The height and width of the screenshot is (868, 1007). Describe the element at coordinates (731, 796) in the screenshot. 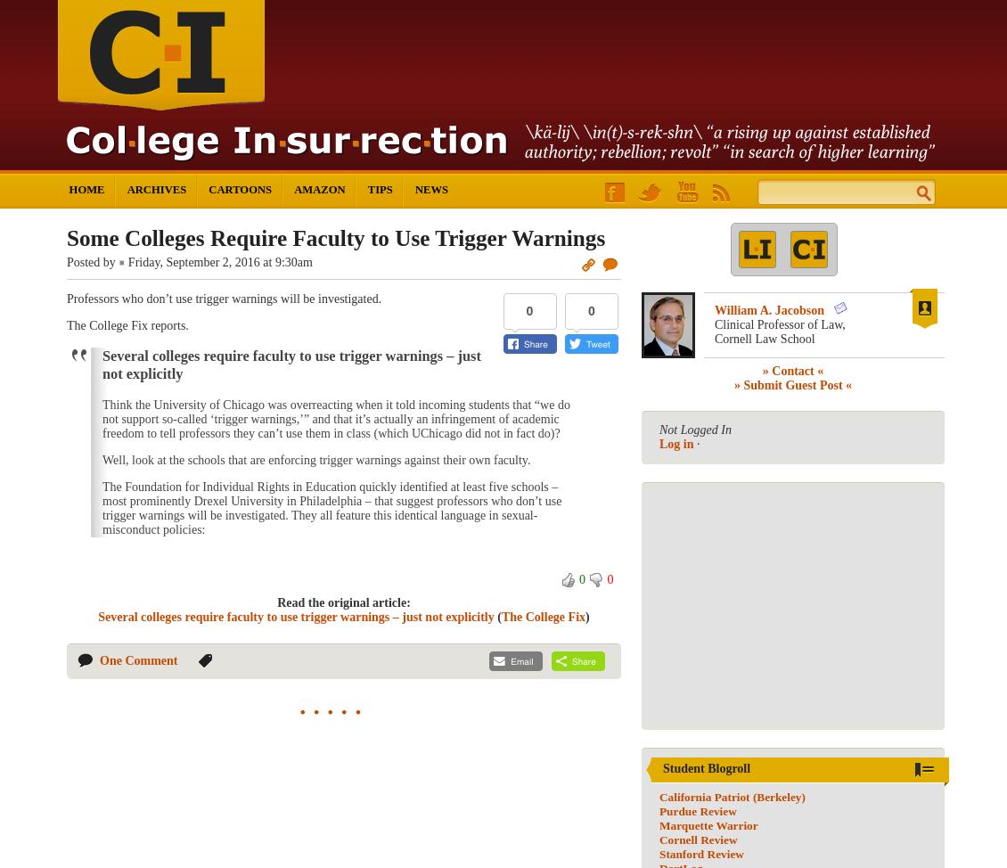

I see `'California Patriot (Berkeley)'` at that location.